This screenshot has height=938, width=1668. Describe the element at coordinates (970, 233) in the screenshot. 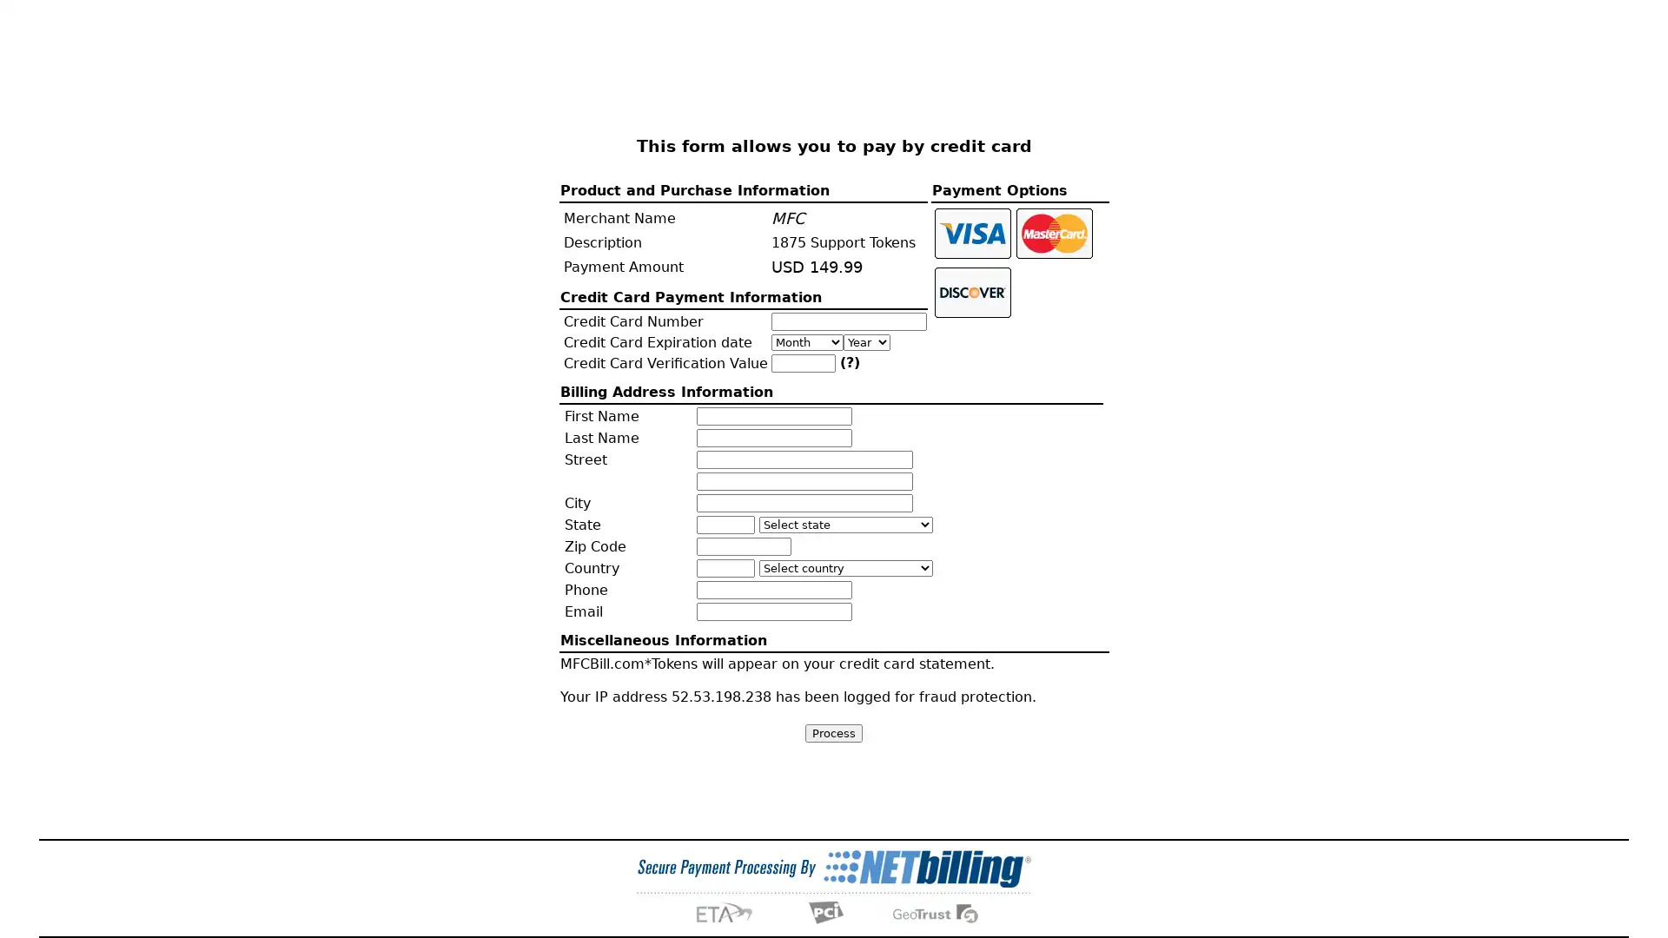

I see `Click to pay with Visa card` at that location.